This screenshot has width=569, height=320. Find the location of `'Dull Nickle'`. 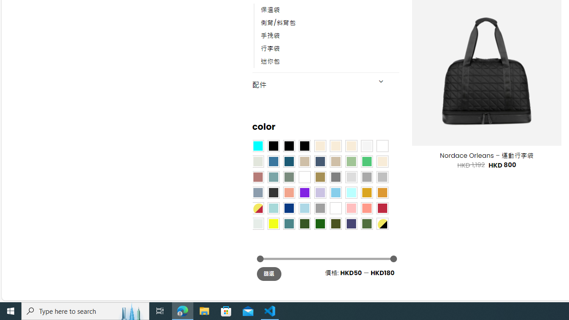

'Dull Nickle' is located at coordinates (257, 223).